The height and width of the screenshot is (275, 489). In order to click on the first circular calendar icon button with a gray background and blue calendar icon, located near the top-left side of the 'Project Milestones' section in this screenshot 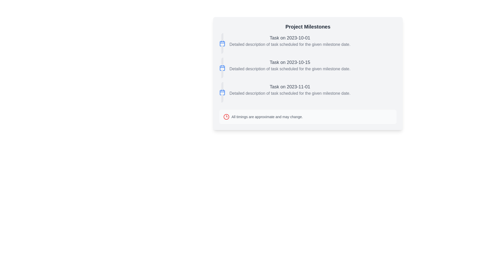, I will do `click(222, 43)`.